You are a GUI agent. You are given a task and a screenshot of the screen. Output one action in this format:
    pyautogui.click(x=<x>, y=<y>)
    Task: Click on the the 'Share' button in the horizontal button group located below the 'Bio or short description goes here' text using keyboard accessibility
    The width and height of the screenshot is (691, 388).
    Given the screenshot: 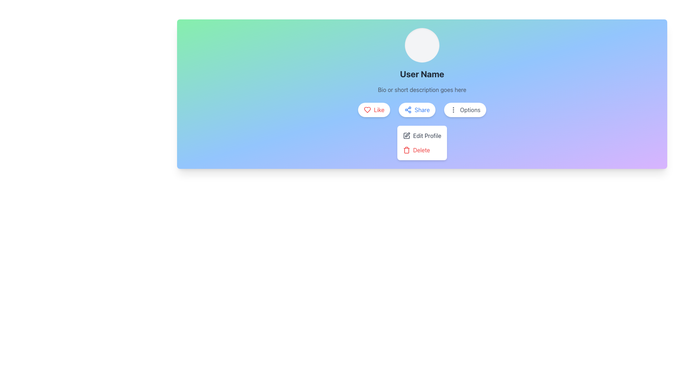 What is the action you would take?
    pyautogui.click(x=422, y=110)
    